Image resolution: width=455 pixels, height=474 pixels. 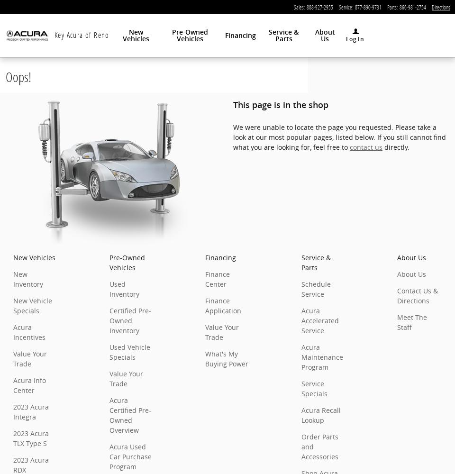 What do you see at coordinates (217, 279) in the screenshot?
I see `'Finance Center'` at bounding box center [217, 279].